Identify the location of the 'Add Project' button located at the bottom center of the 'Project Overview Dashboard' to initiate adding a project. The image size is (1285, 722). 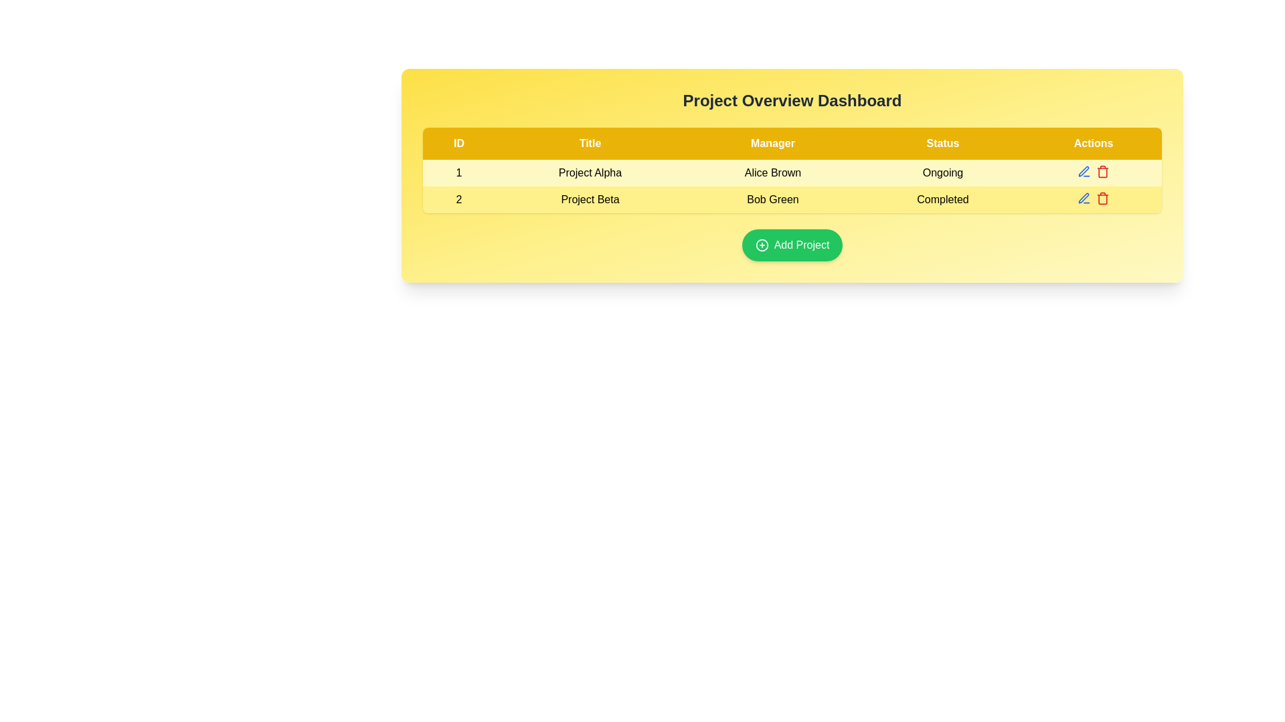
(792, 245).